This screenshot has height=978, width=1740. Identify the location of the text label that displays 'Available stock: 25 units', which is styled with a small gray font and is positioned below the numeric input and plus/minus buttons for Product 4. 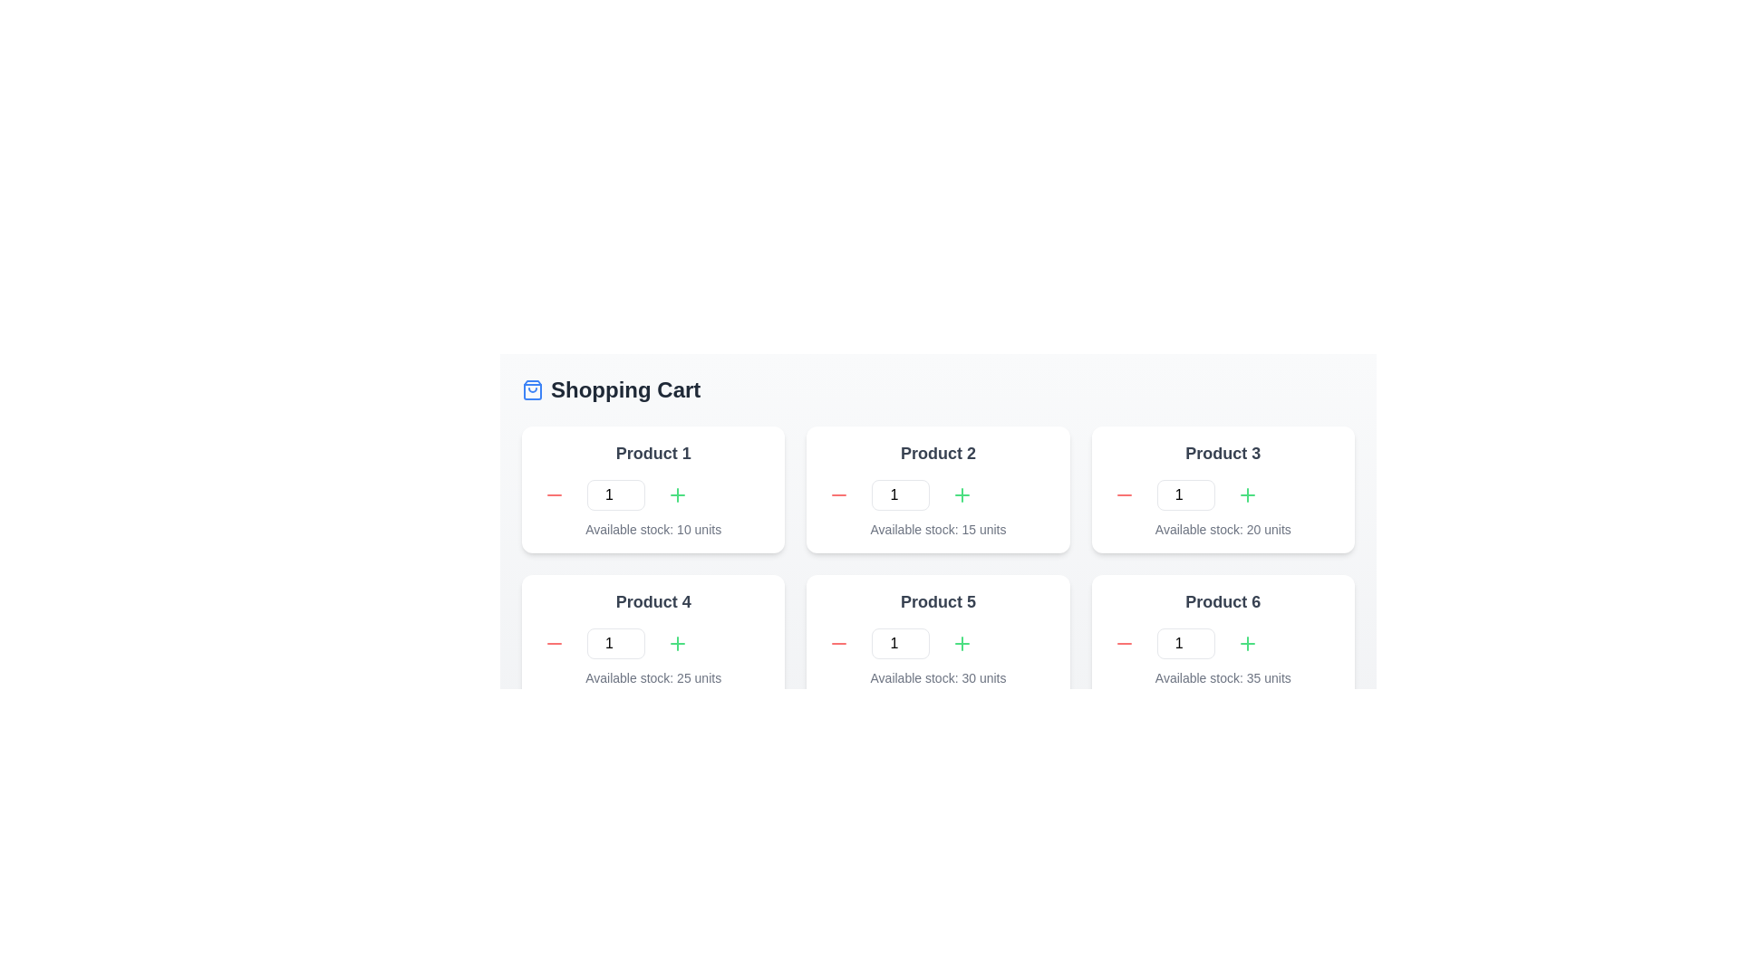
(652, 677).